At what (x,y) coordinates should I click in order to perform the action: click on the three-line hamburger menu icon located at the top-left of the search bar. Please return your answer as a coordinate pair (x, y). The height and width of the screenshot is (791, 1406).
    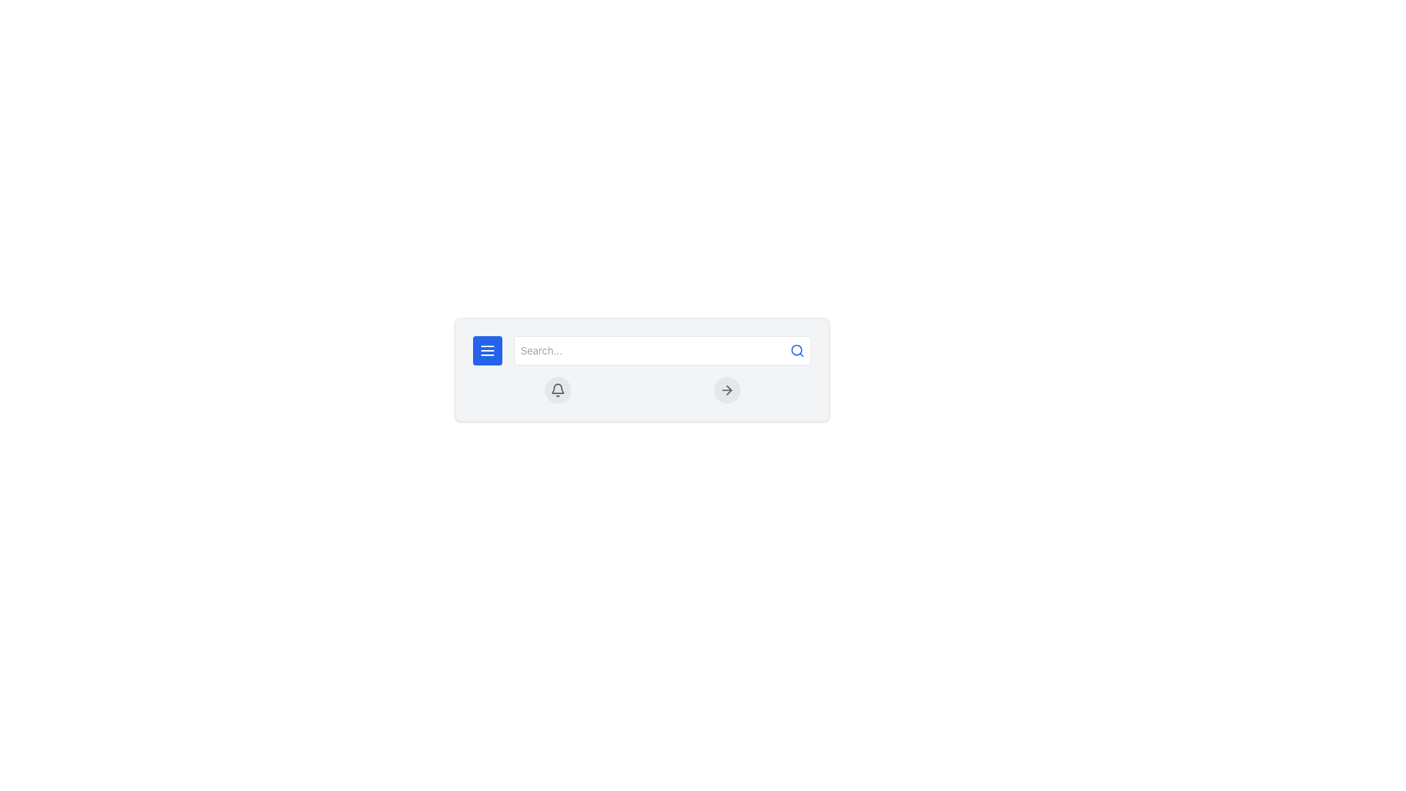
    Looking at the image, I should click on (488, 350).